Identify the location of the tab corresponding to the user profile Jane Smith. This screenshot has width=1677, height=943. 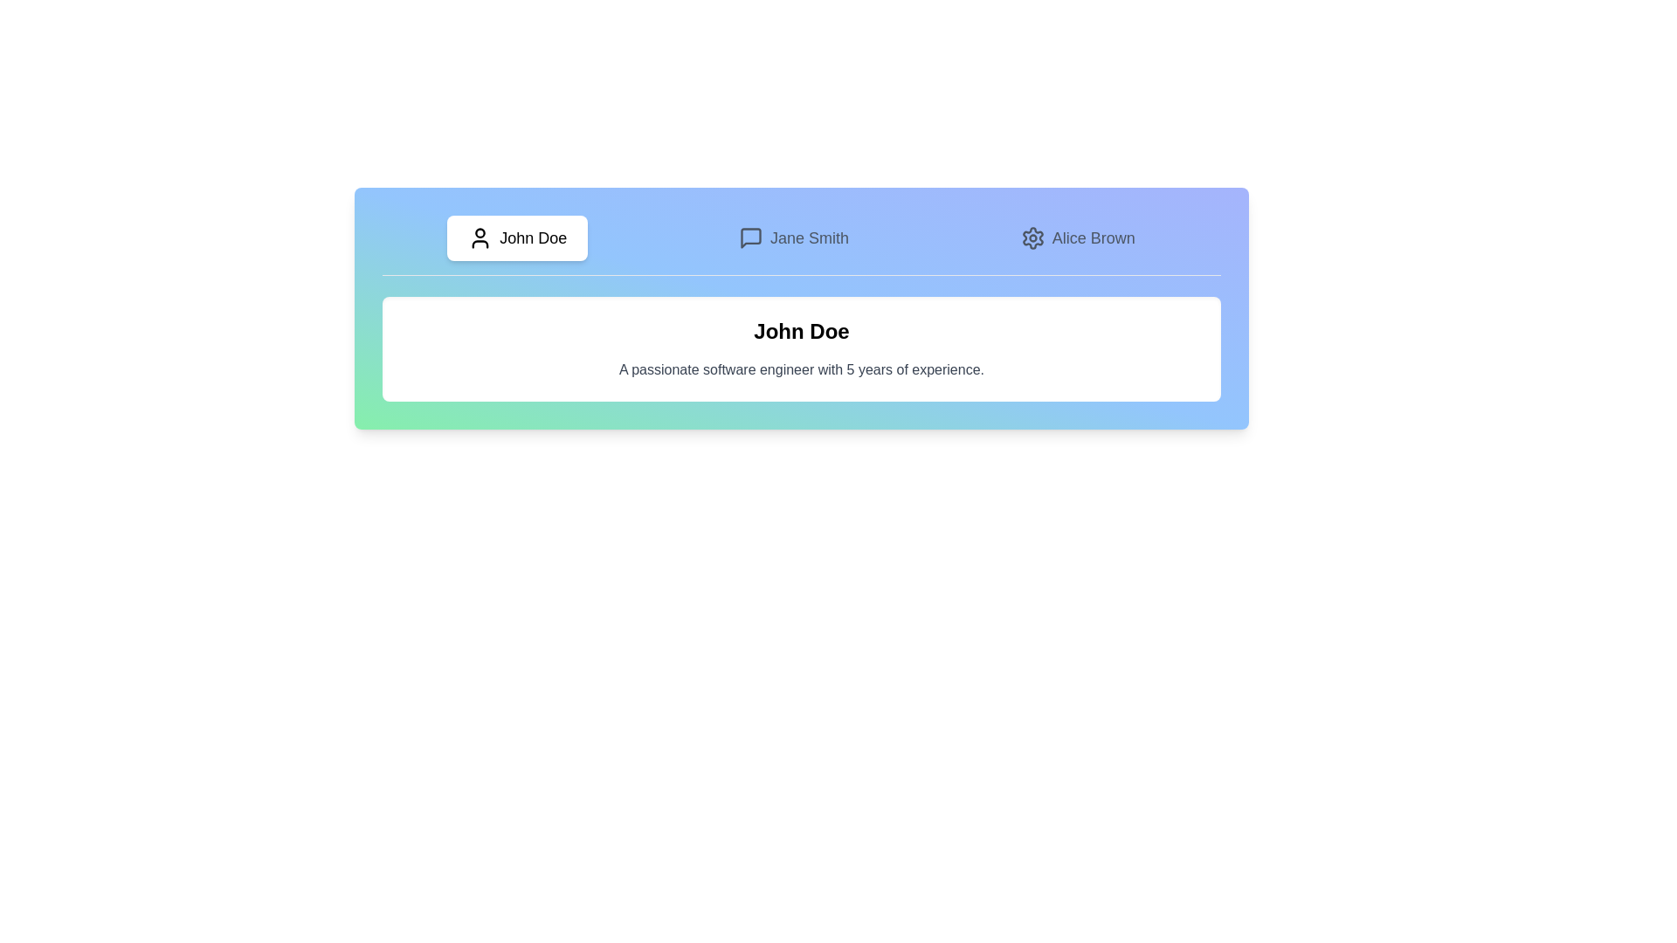
(792, 238).